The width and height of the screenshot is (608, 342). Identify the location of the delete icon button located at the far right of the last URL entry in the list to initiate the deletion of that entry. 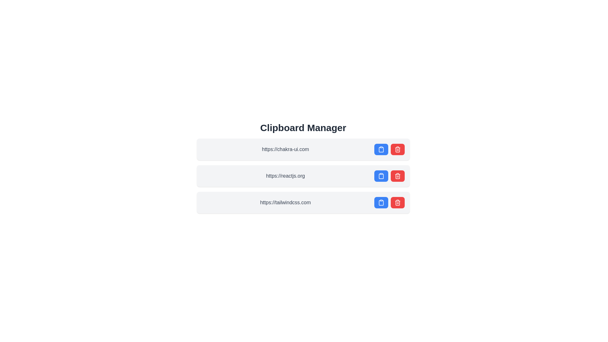
(397, 149).